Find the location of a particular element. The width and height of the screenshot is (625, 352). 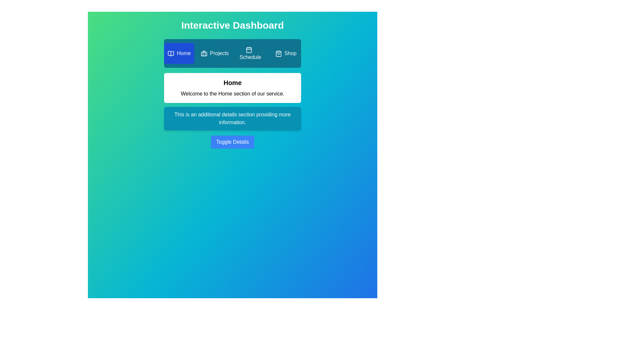

the icon of the Home tab to observe its context is located at coordinates (171, 53).